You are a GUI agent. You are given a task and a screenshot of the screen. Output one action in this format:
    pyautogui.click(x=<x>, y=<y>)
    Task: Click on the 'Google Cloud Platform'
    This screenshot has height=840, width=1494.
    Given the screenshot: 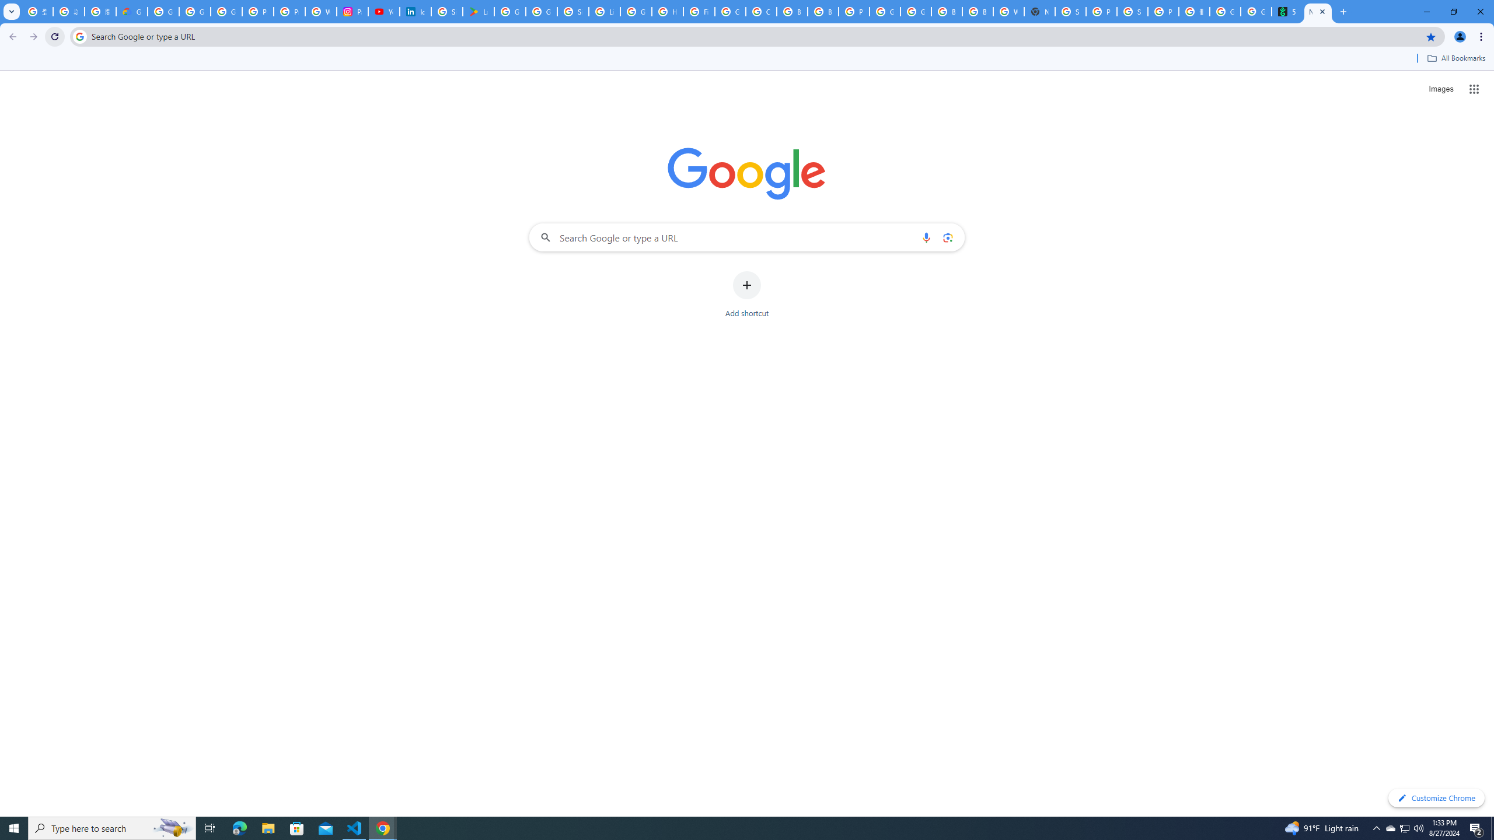 What is the action you would take?
    pyautogui.click(x=916, y=11)
    